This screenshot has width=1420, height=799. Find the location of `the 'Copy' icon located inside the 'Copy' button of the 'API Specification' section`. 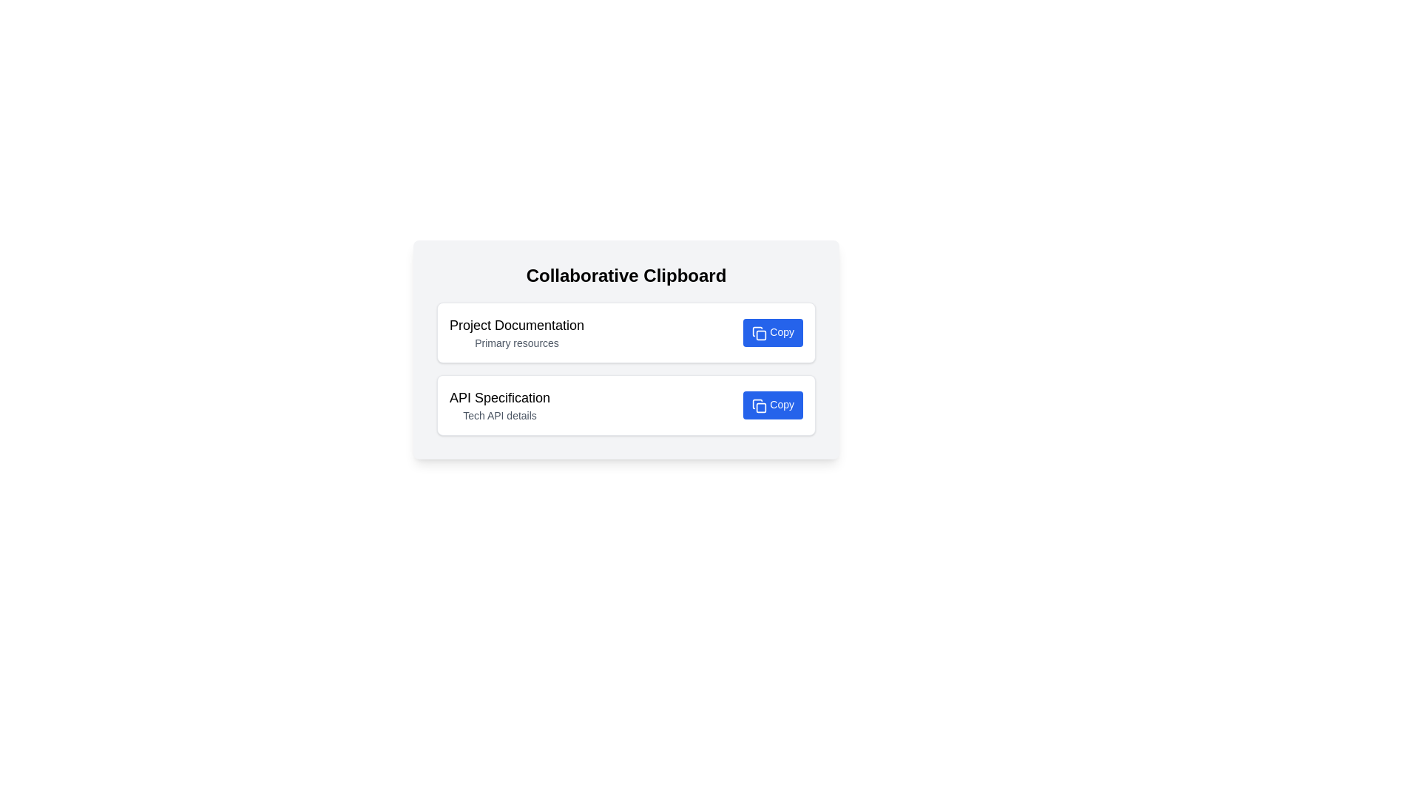

the 'Copy' icon located inside the 'Copy' button of the 'API Specification' section is located at coordinates (760, 405).